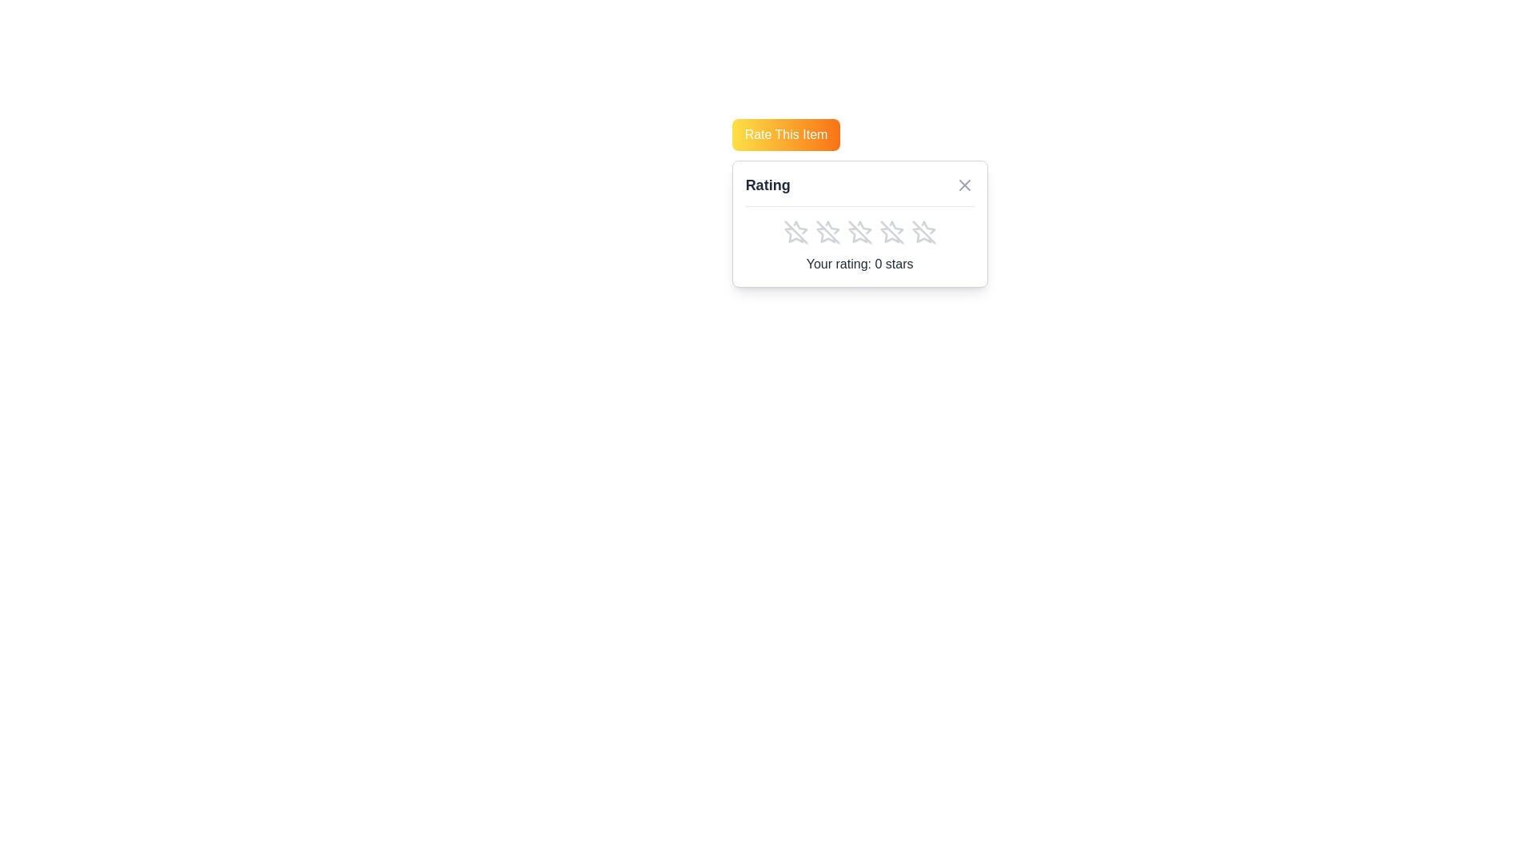 This screenshot has width=1535, height=863. I want to click on third star segment of the star rating component, which is styled with a gray outline and part of the rating dialog below the 'Rating' section header, so click(857, 235).